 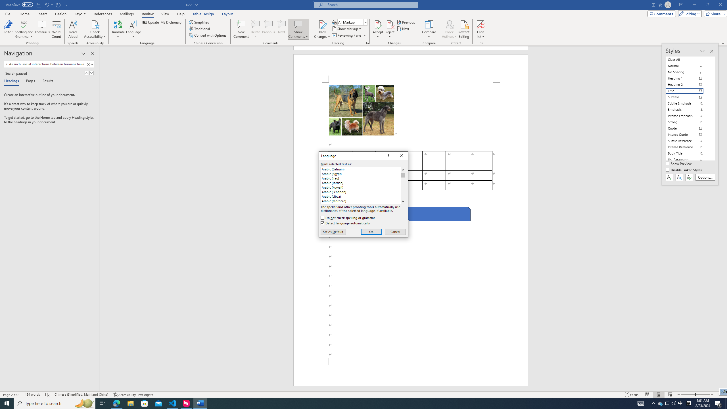 I want to click on 'Subtle Emphasis', so click(x=688, y=103).